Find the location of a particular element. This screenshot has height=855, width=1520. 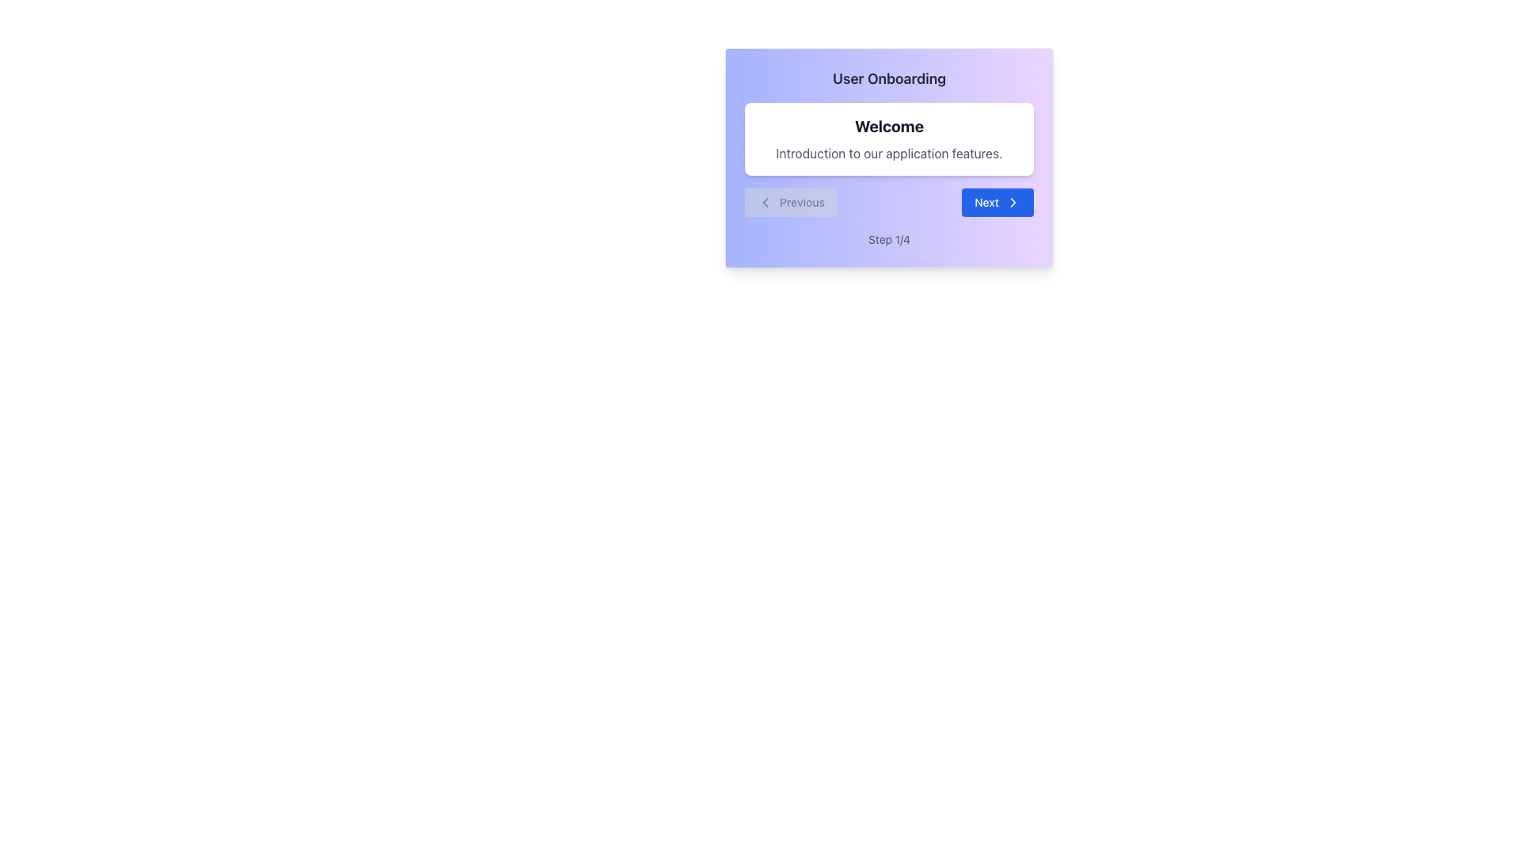

the forward navigation icon located within the blue 'Next' button at the bottom-right corner of the user onboarding modal is located at coordinates (1013, 201).